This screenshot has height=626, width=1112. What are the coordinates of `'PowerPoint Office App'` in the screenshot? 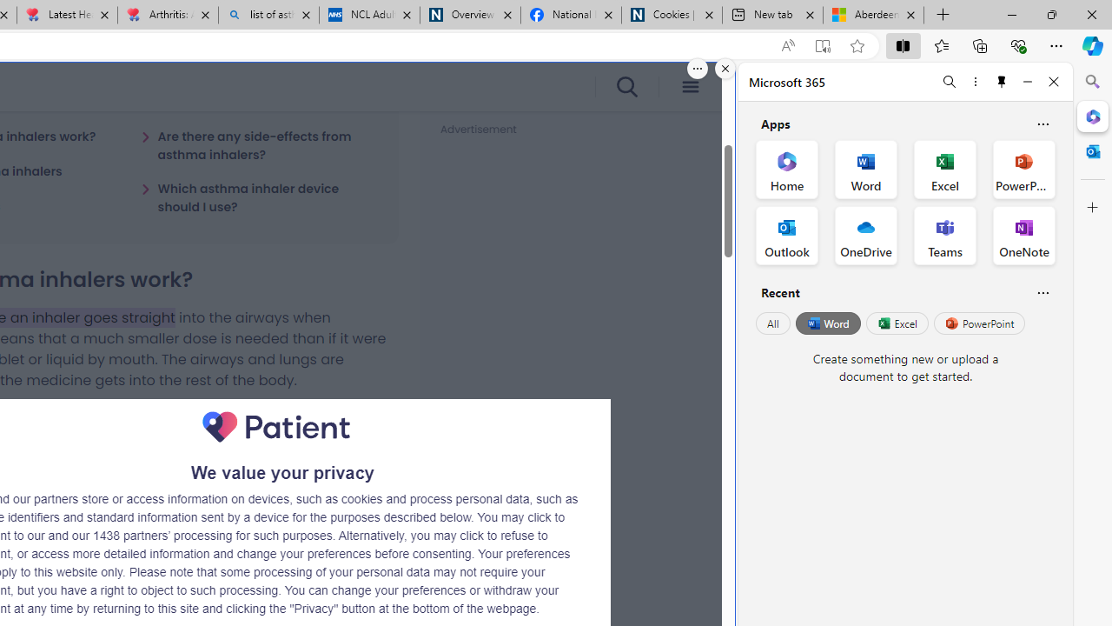 It's located at (1023, 170).